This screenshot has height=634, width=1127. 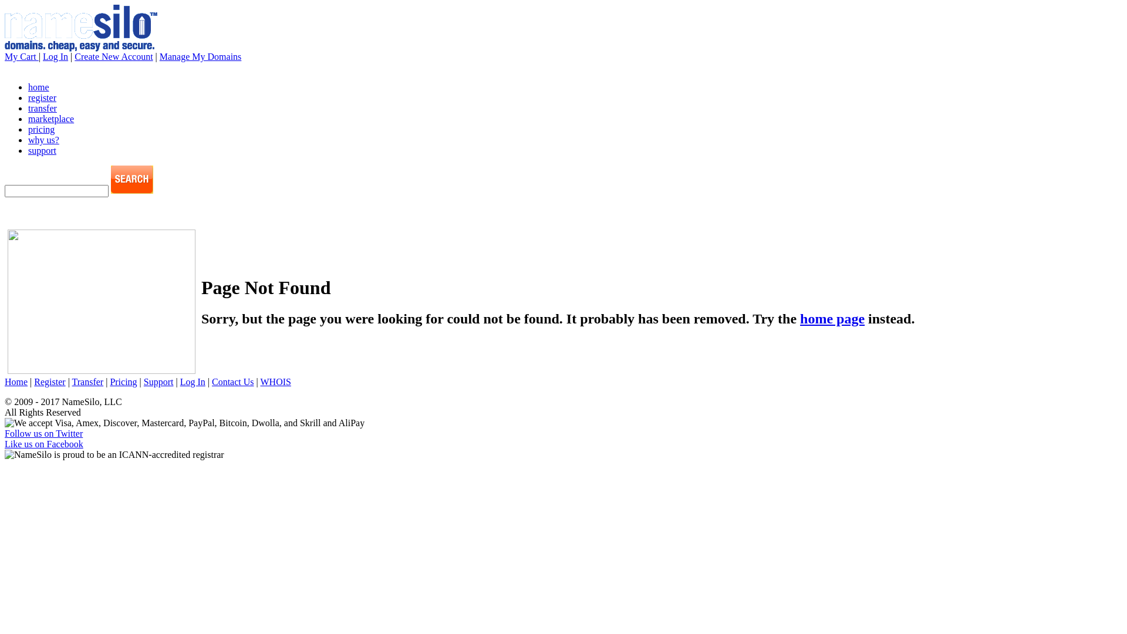 I want to click on 'Manage My Domains', so click(x=159, y=56).